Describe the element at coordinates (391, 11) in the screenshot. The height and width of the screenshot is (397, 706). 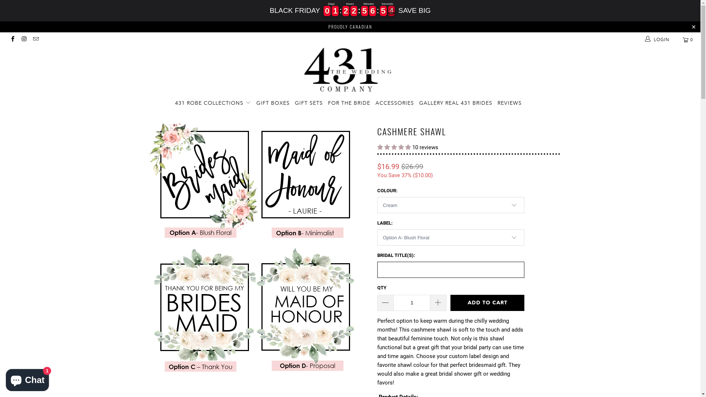
I see `'8` at that location.